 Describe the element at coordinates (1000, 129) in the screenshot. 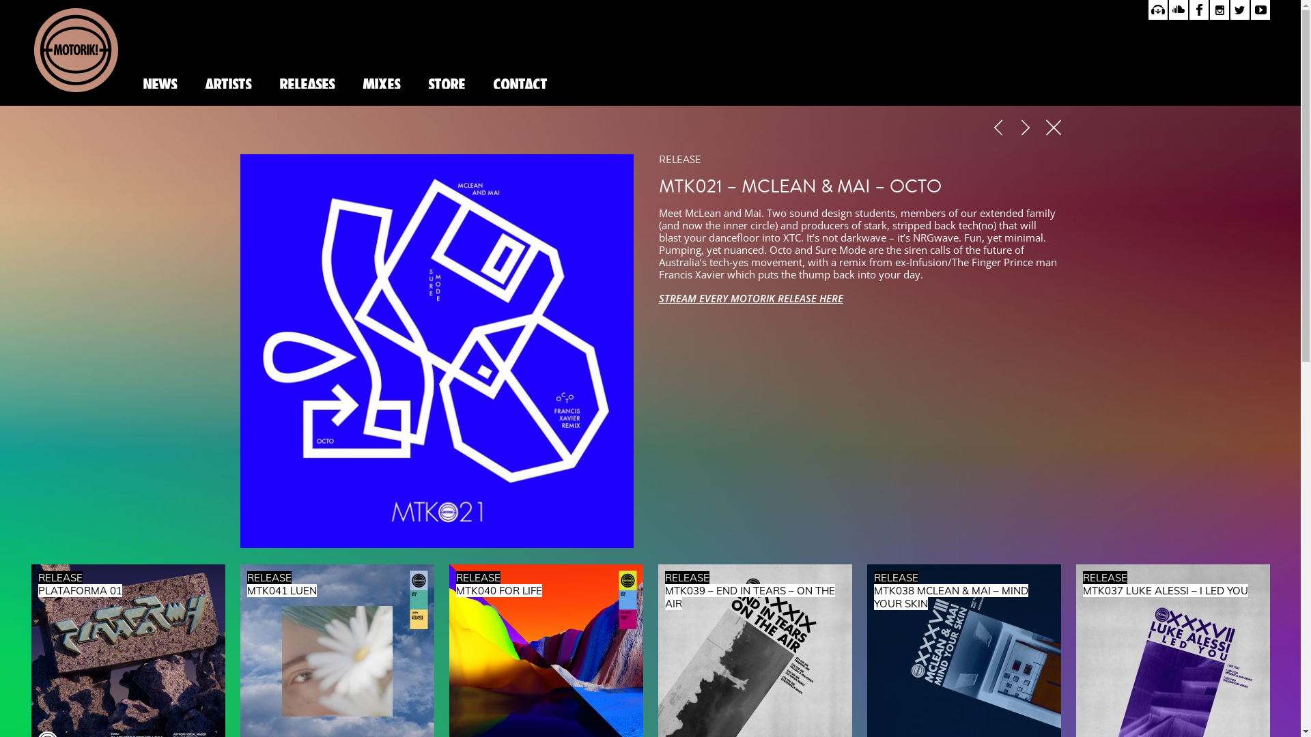

I see `'prev'` at that location.